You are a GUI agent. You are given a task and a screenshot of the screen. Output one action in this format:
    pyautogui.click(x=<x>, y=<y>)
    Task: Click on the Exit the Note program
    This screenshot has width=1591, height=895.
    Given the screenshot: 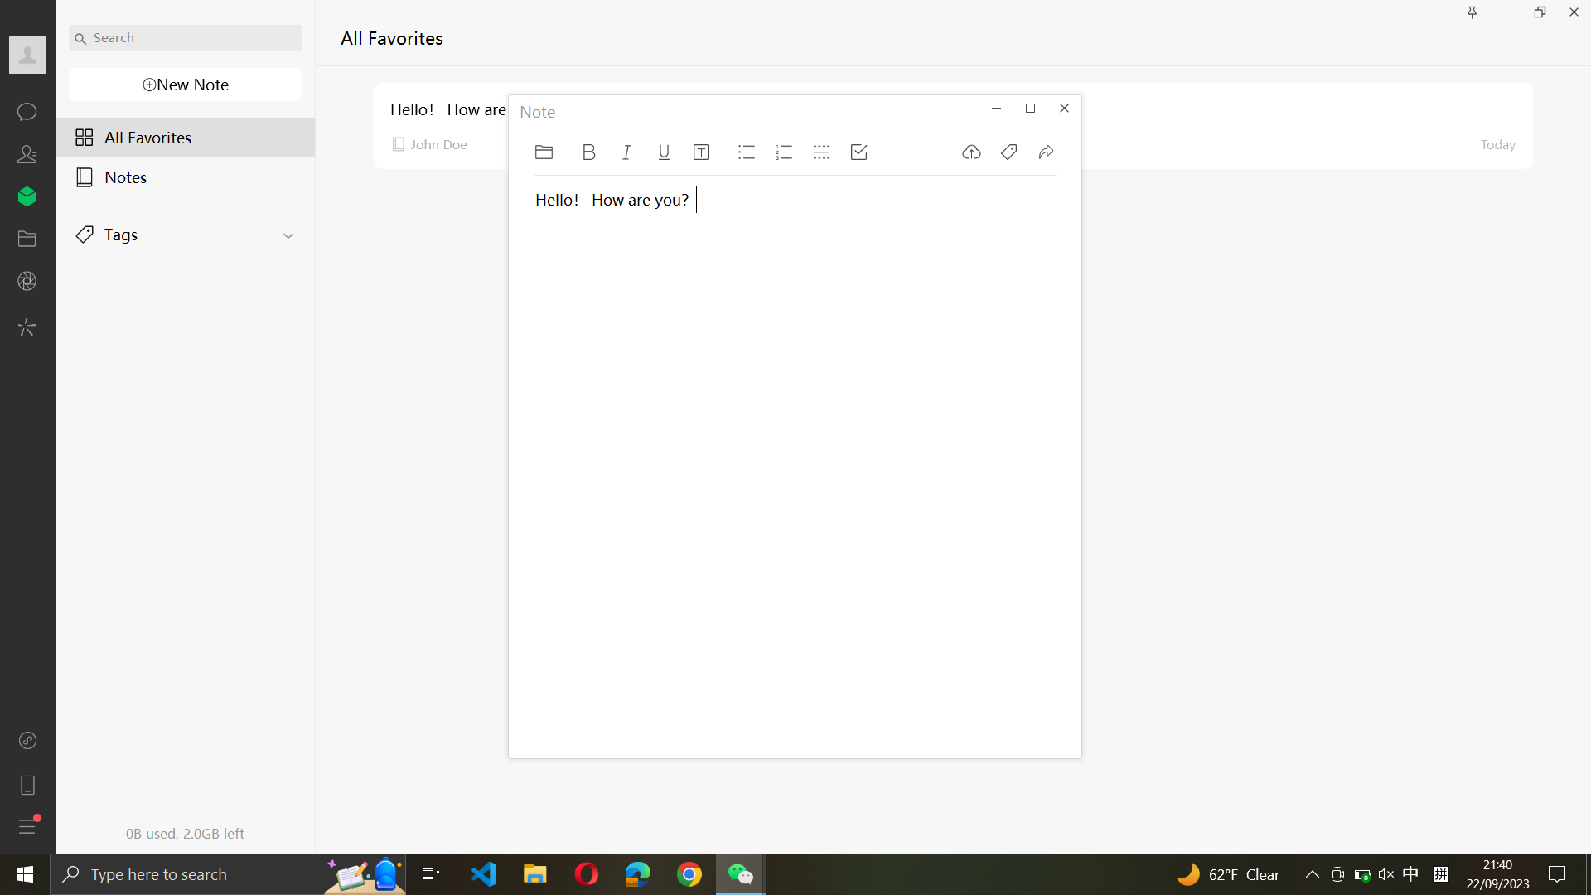 What is the action you would take?
    pyautogui.click(x=1065, y=109)
    